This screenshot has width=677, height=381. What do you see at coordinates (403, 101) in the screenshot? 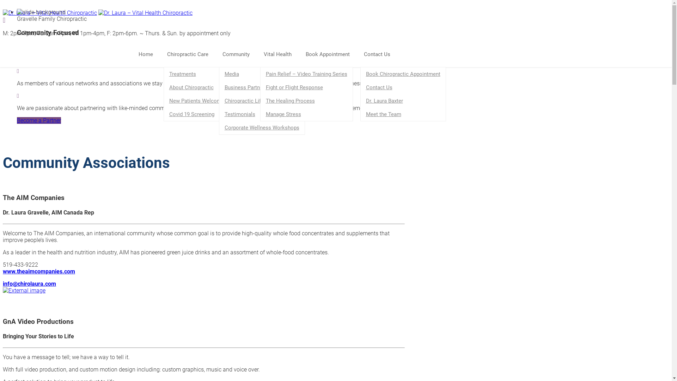
I see `'Dr. Laura Baxter'` at bounding box center [403, 101].